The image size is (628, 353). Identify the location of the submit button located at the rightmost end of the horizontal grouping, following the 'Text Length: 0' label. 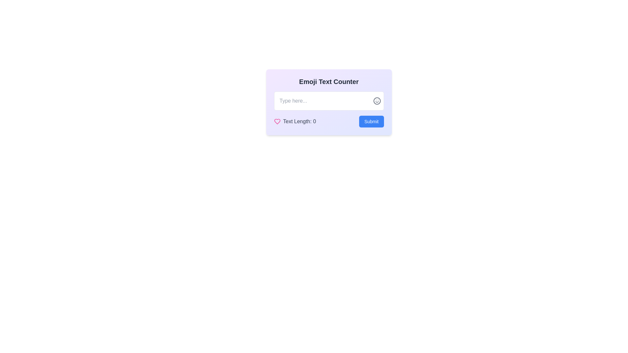
(371, 121).